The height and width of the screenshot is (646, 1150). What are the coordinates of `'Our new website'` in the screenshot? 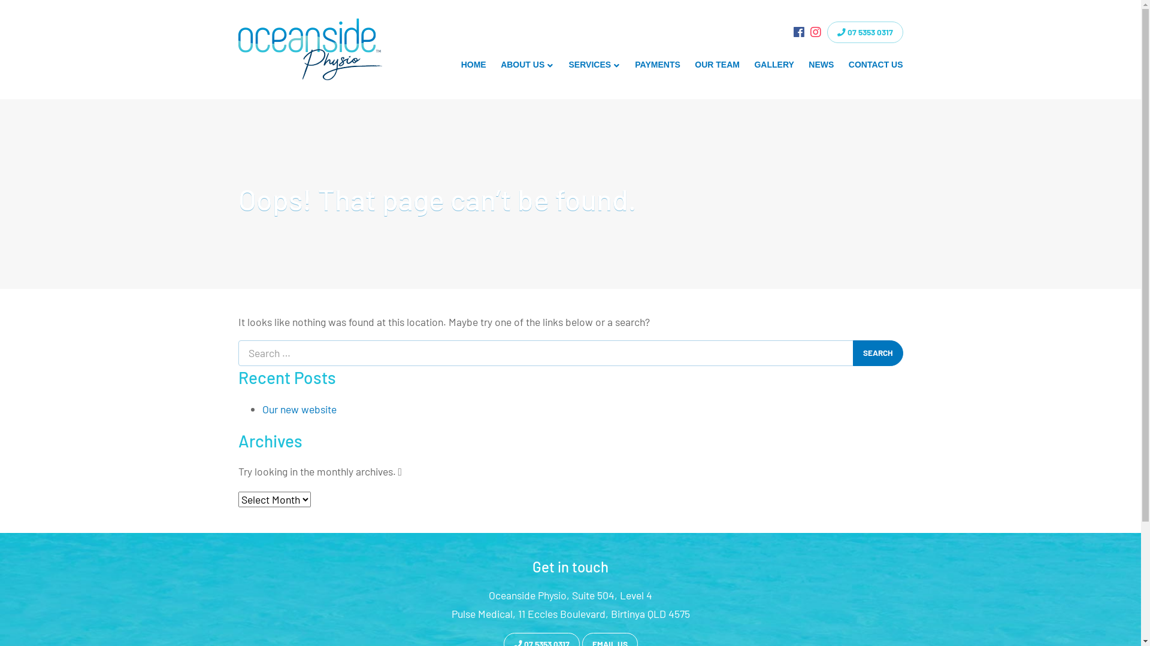 It's located at (299, 408).